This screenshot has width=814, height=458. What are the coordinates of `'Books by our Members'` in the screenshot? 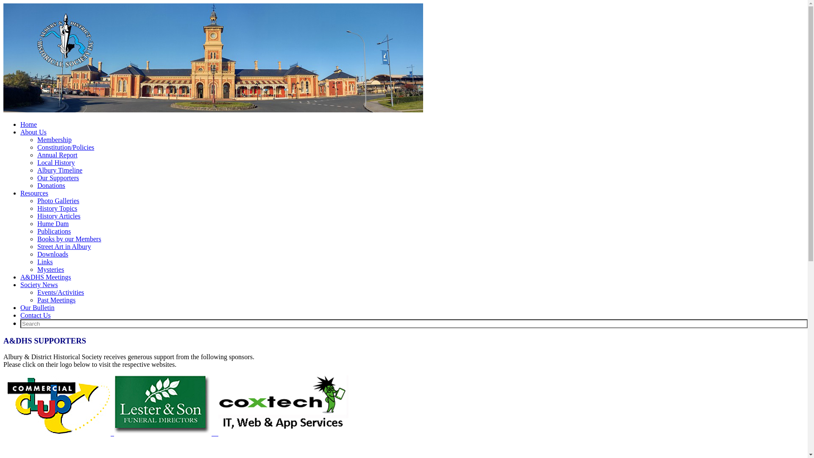 It's located at (69, 239).